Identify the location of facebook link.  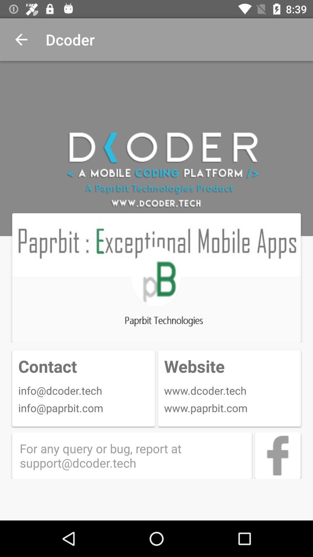
(277, 455).